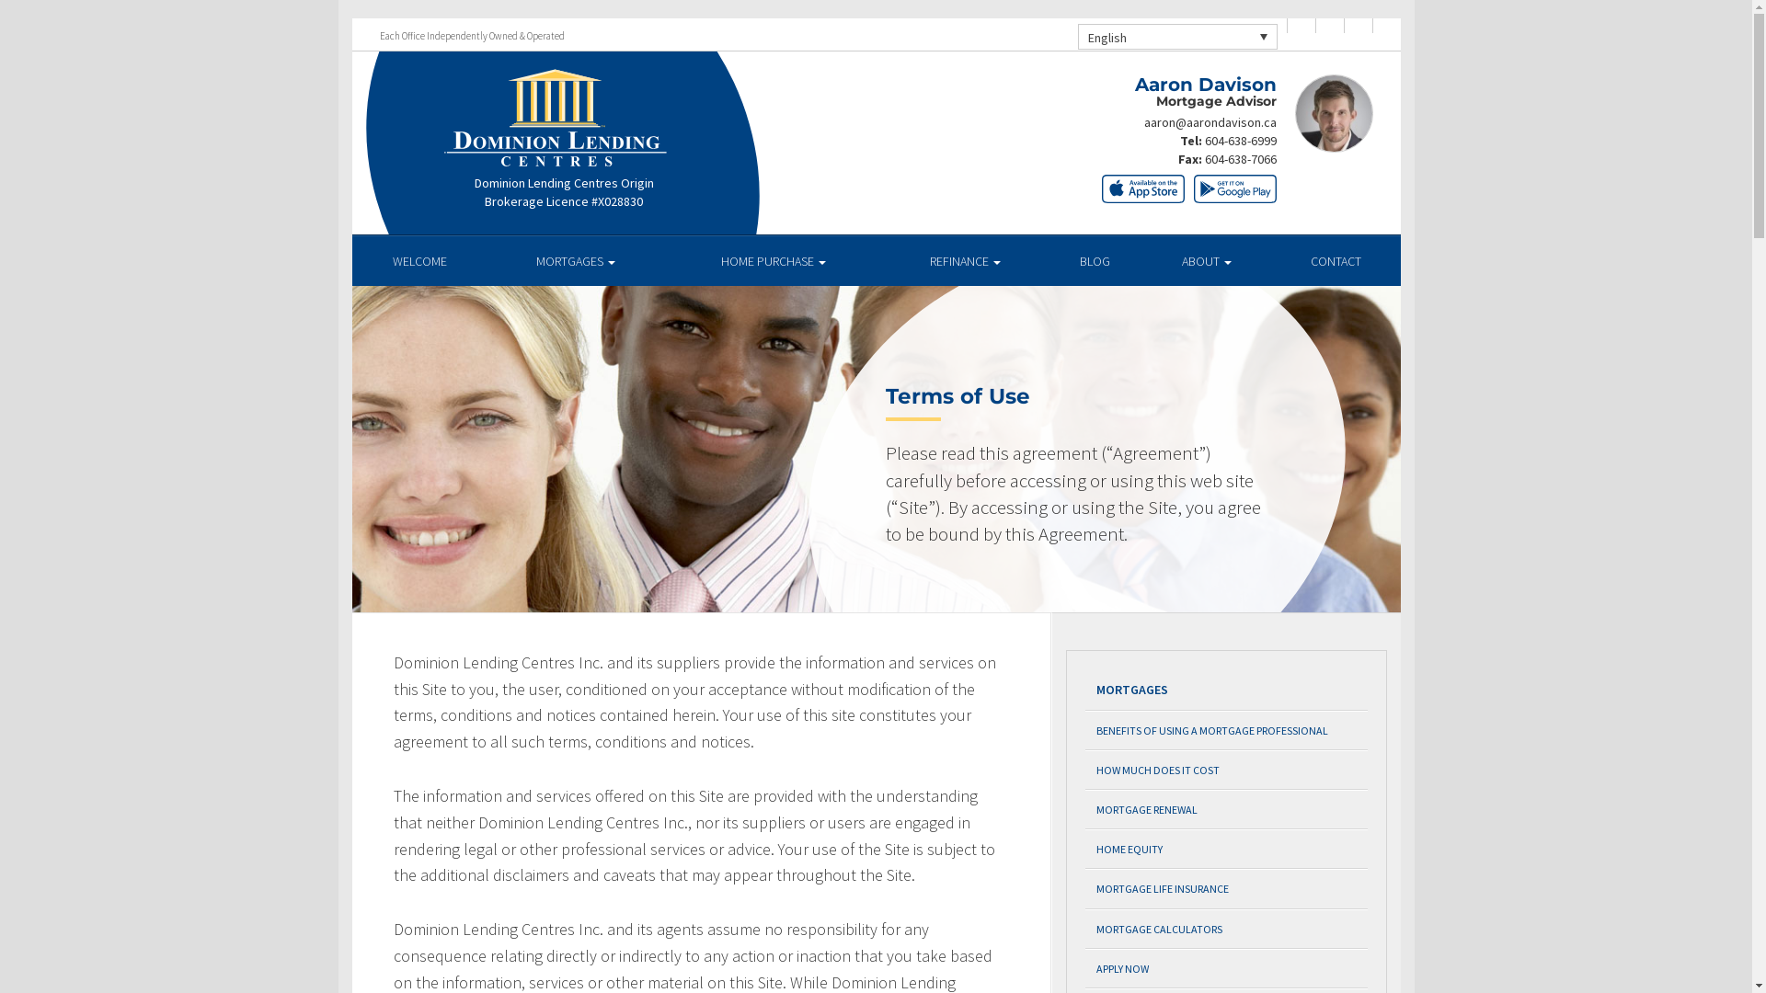 The height and width of the screenshot is (993, 1766). What do you see at coordinates (1085, 929) in the screenshot?
I see `'MORTGAGE CALCULATORS'` at bounding box center [1085, 929].